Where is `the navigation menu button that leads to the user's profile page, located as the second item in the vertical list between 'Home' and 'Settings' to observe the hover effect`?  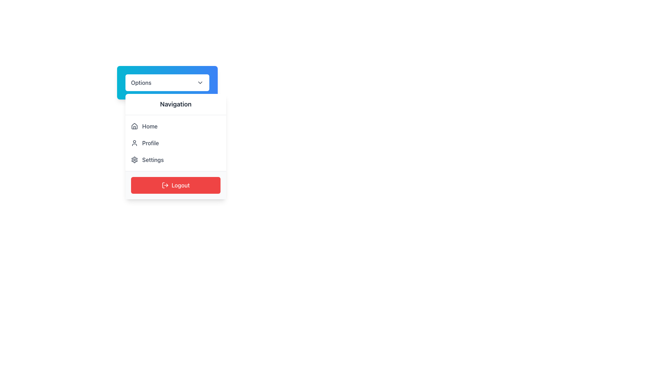
the navigation menu button that leads to the user's profile page, located as the second item in the vertical list between 'Home' and 'Settings' to observe the hover effect is located at coordinates (176, 142).